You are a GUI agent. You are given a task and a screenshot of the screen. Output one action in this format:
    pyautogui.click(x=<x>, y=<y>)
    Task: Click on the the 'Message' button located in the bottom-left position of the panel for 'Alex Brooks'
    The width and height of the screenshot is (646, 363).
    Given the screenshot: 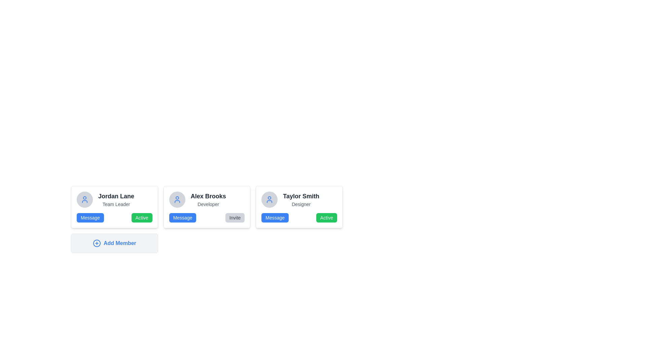 What is the action you would take?
    pyautogui.click(x=182, y=218)
    